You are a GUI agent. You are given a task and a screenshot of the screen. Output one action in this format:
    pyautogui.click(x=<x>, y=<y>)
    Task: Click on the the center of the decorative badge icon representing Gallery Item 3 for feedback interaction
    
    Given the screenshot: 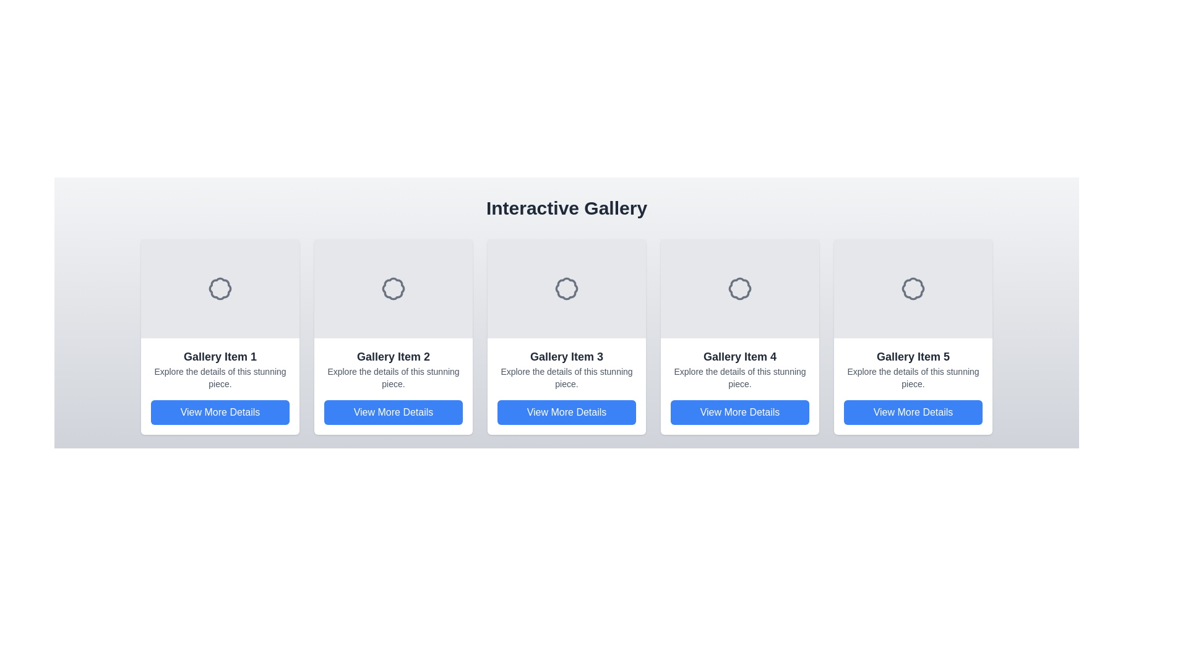 What is the action you would take?
    pyautogui.click(x=566, y=288)
    